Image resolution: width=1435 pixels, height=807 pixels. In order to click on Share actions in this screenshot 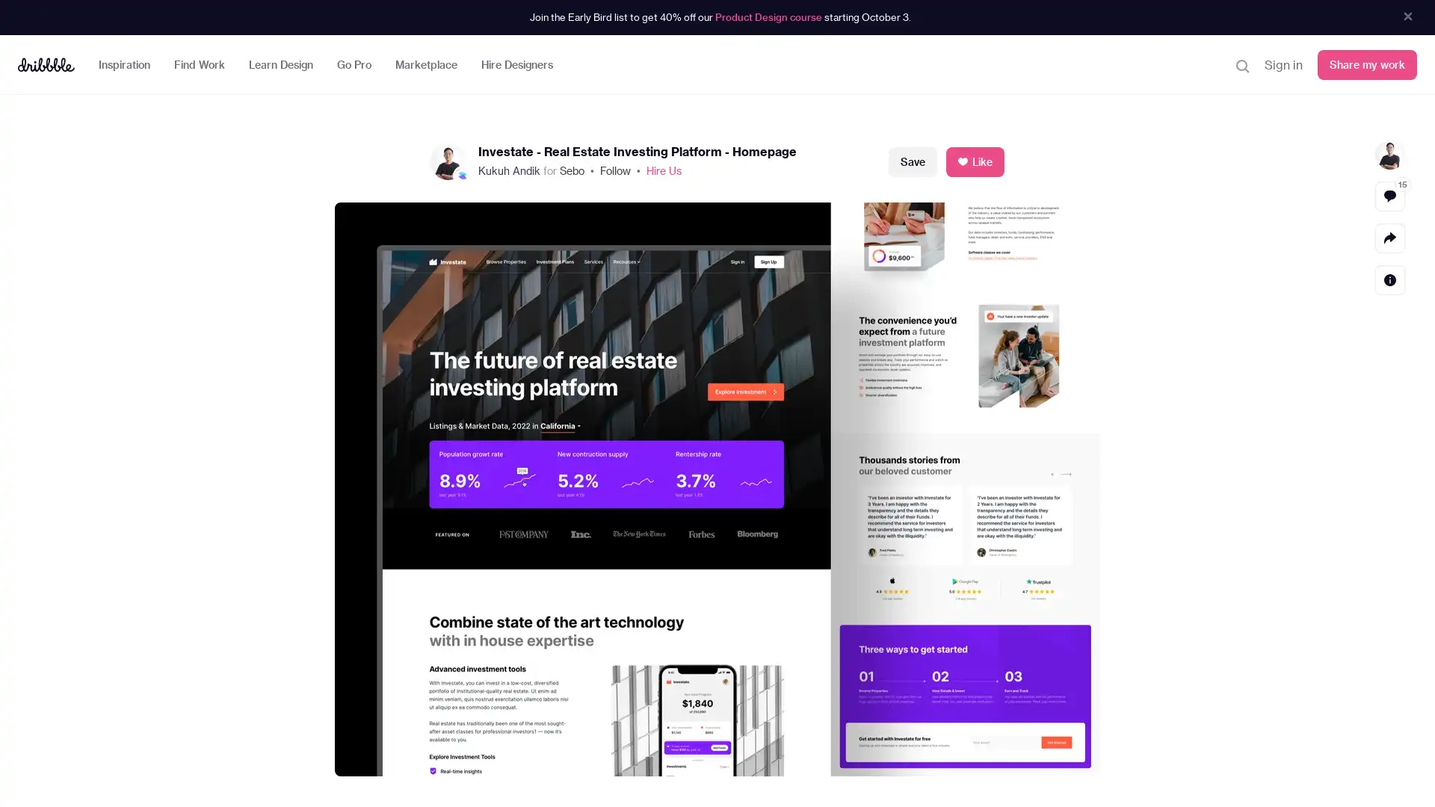, I will do `click(1389, 236)`.